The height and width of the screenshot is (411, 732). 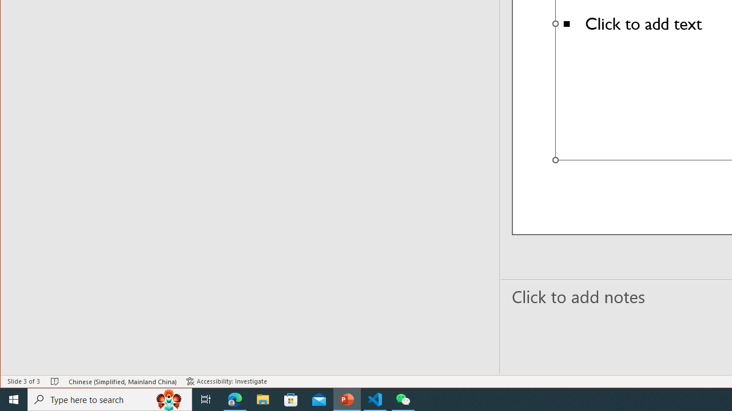 What do you see at coordinates (375, 398) in the screenshot?
I see `'Visual Studio Code - 1 running window'` at bounding box center [375, 398].